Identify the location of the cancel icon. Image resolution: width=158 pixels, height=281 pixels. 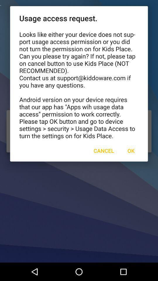
(103, 150).